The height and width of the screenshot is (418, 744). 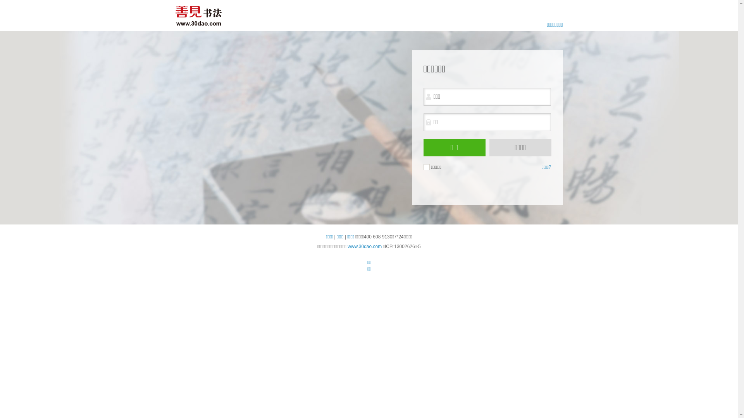 I want to click on 'www.30dao.com', so click(x=364, y=246).